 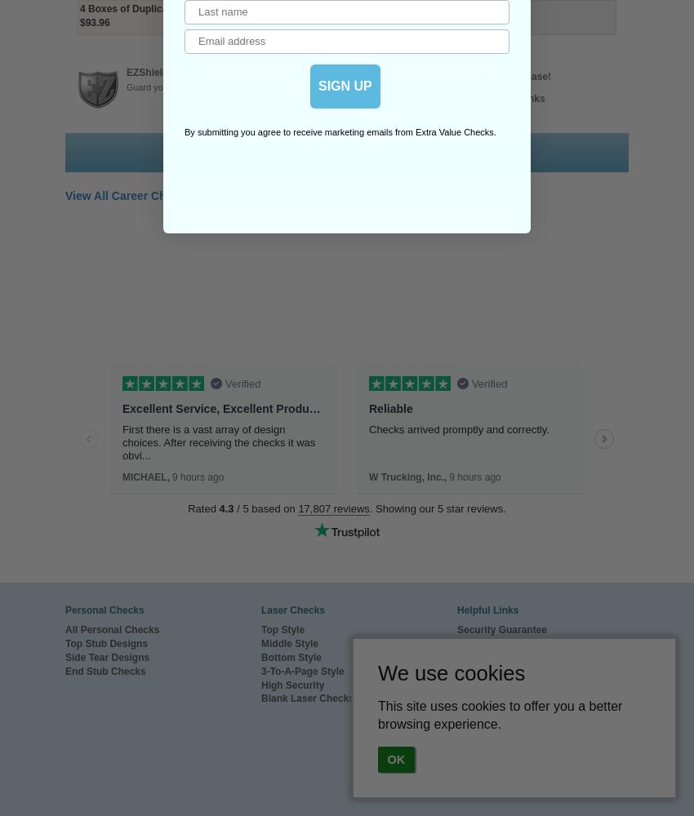 What do you see at coordinates (127, 194) in the screenshot?
I see `'View All Career Checks'` at bounding box center [127, 194].